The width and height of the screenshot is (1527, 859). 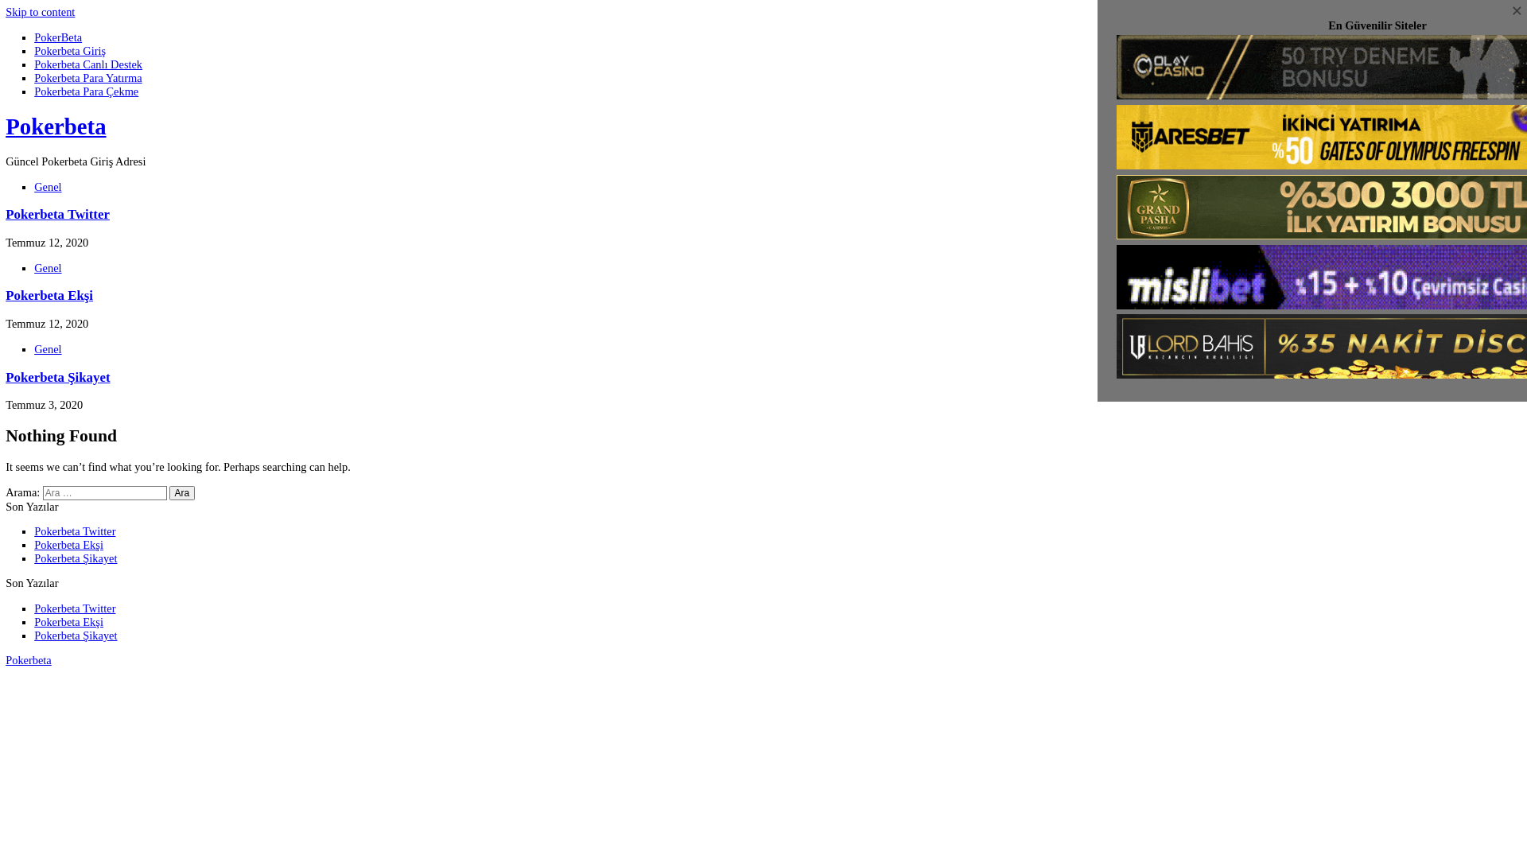 What do you see at coordinates (64, 238) in the screenshot?
I see `'Pokerbeta Twitter'` at bounding box center [64, 238].